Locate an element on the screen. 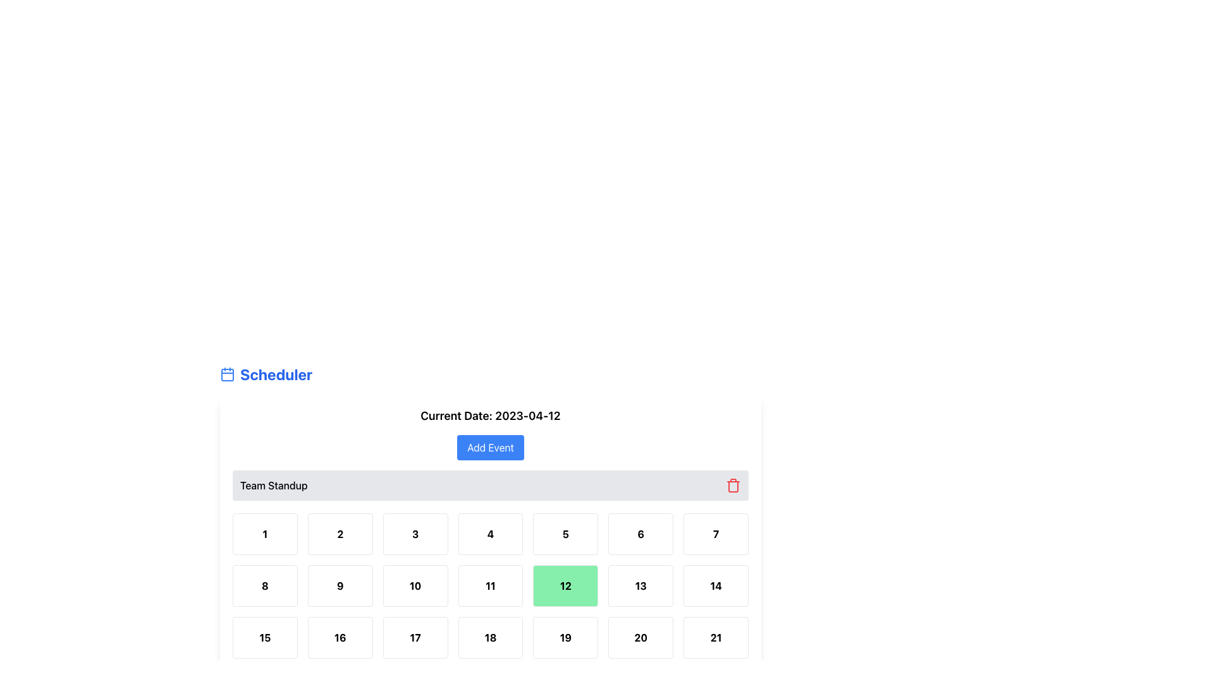 The height and width of the screenshot is (682, 1214). the grid cell element representing '19' is located at coordinates (565, 638).